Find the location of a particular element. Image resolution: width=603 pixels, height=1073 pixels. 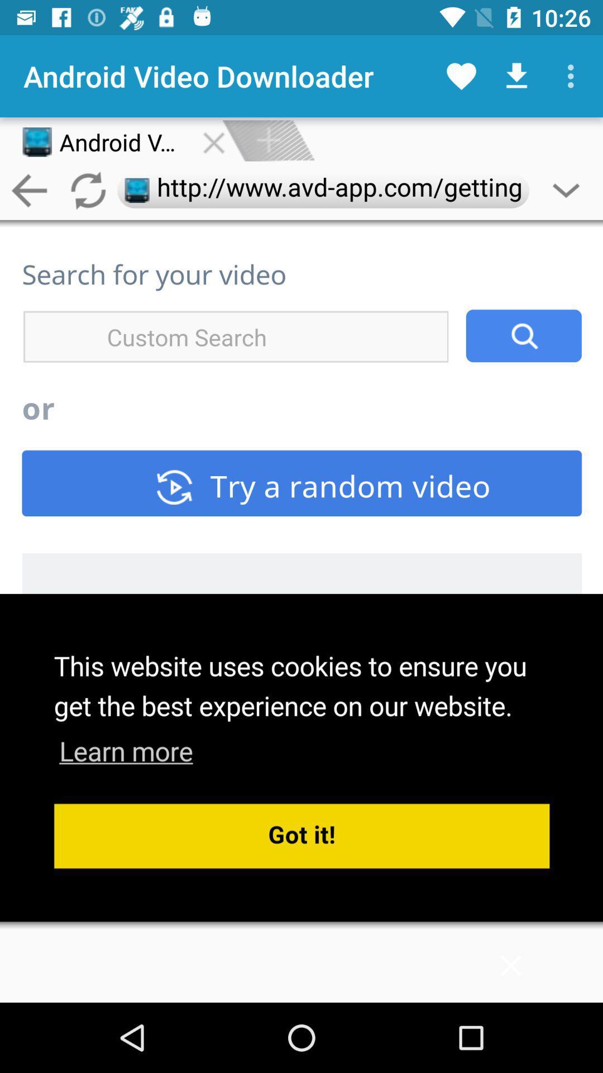

on is located at coordinates (269, 140).